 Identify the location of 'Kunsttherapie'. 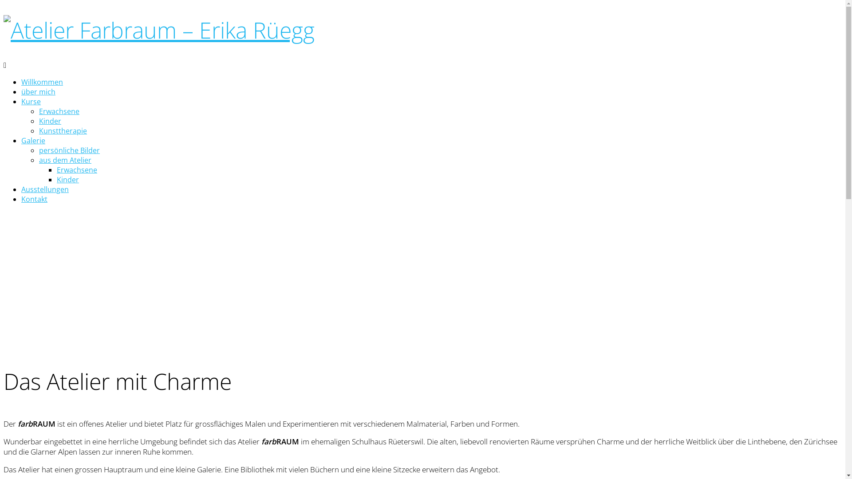
(63, 130).